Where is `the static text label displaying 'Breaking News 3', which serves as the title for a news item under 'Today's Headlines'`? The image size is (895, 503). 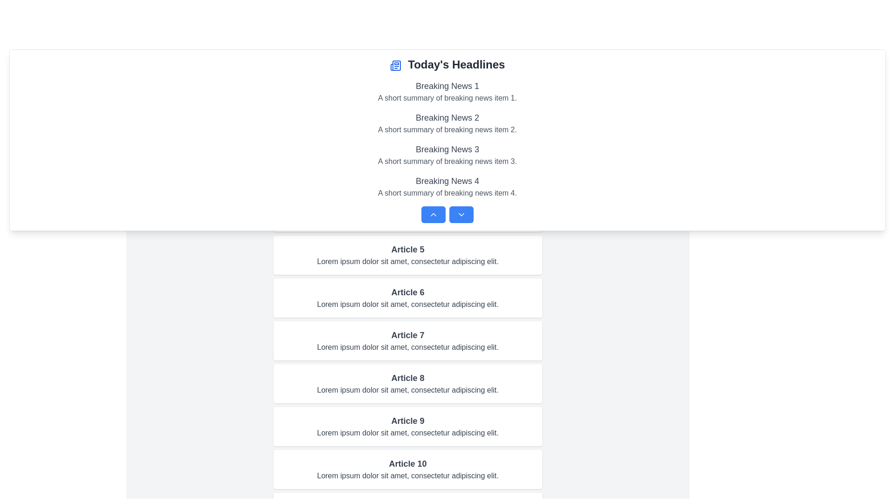
the static text label displaying 'Breaking News 3', which serves as the title for a news item under 'Today's Headlines' is located at coordinates (447, 149).